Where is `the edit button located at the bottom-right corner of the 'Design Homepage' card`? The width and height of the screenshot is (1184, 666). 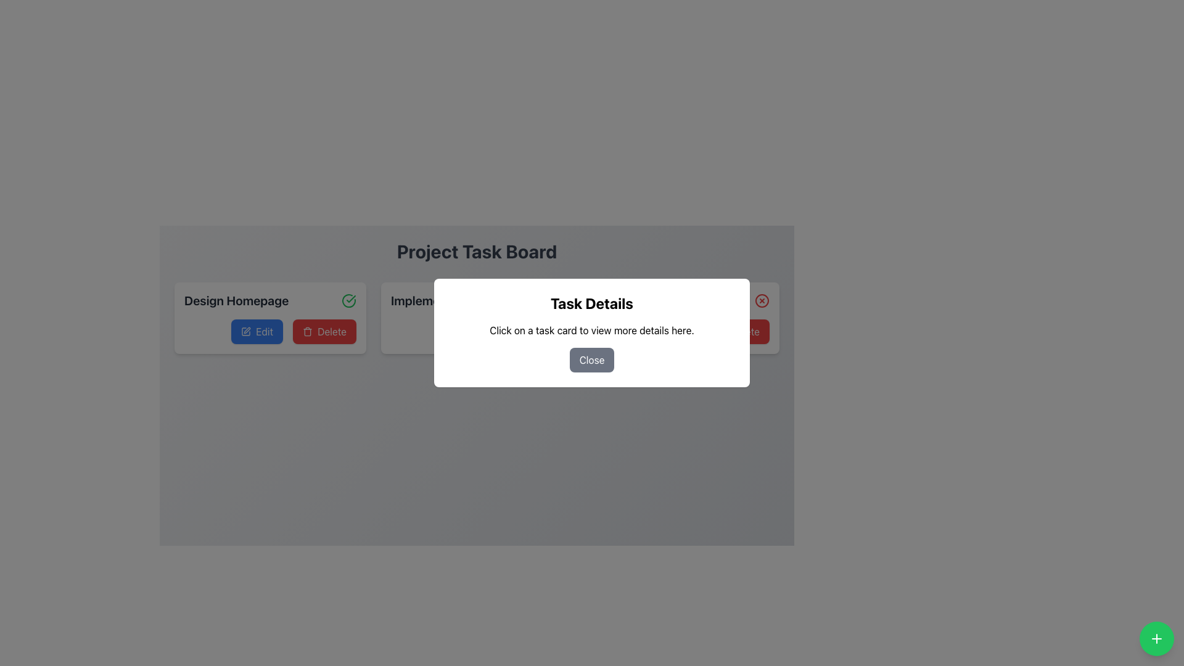 the edit button located at the bottom-right corner of the 'Design Homepage' card is located at coordinates (269, 331).